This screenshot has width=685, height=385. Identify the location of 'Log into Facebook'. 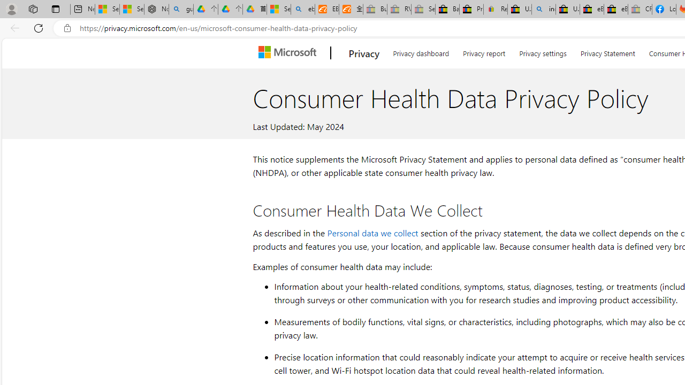
(663, 9).